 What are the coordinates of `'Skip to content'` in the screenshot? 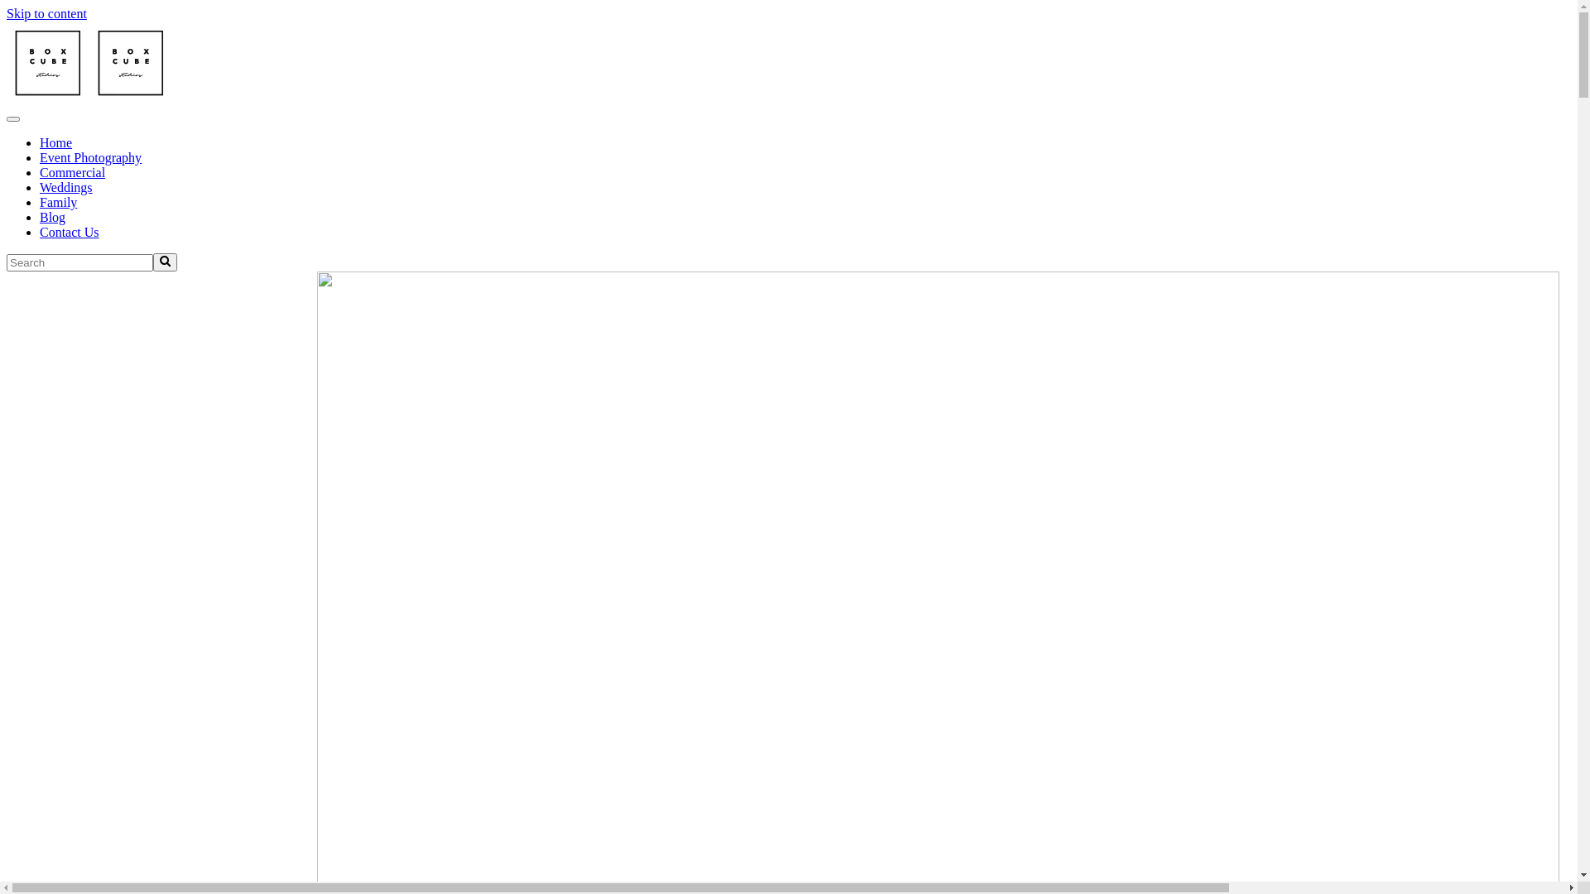 It's located at (46, 13).